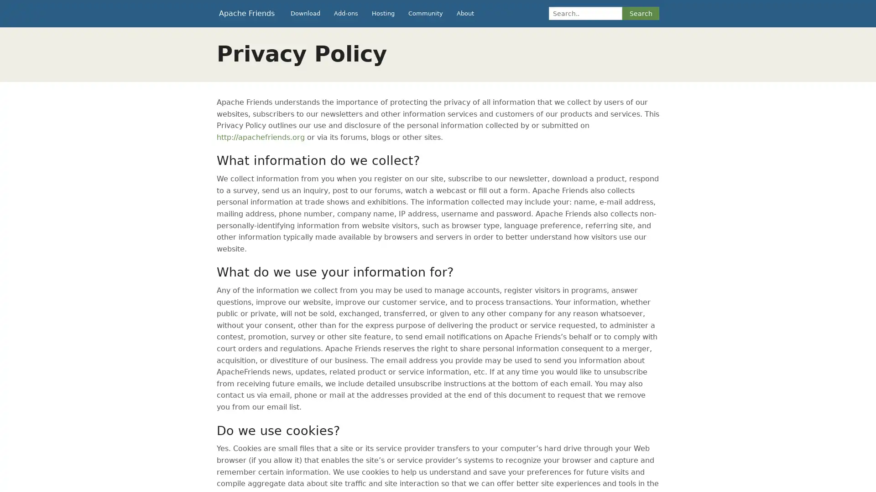 This screenshot has height=492, width=876. I want to click on Search, so click(640, 13).